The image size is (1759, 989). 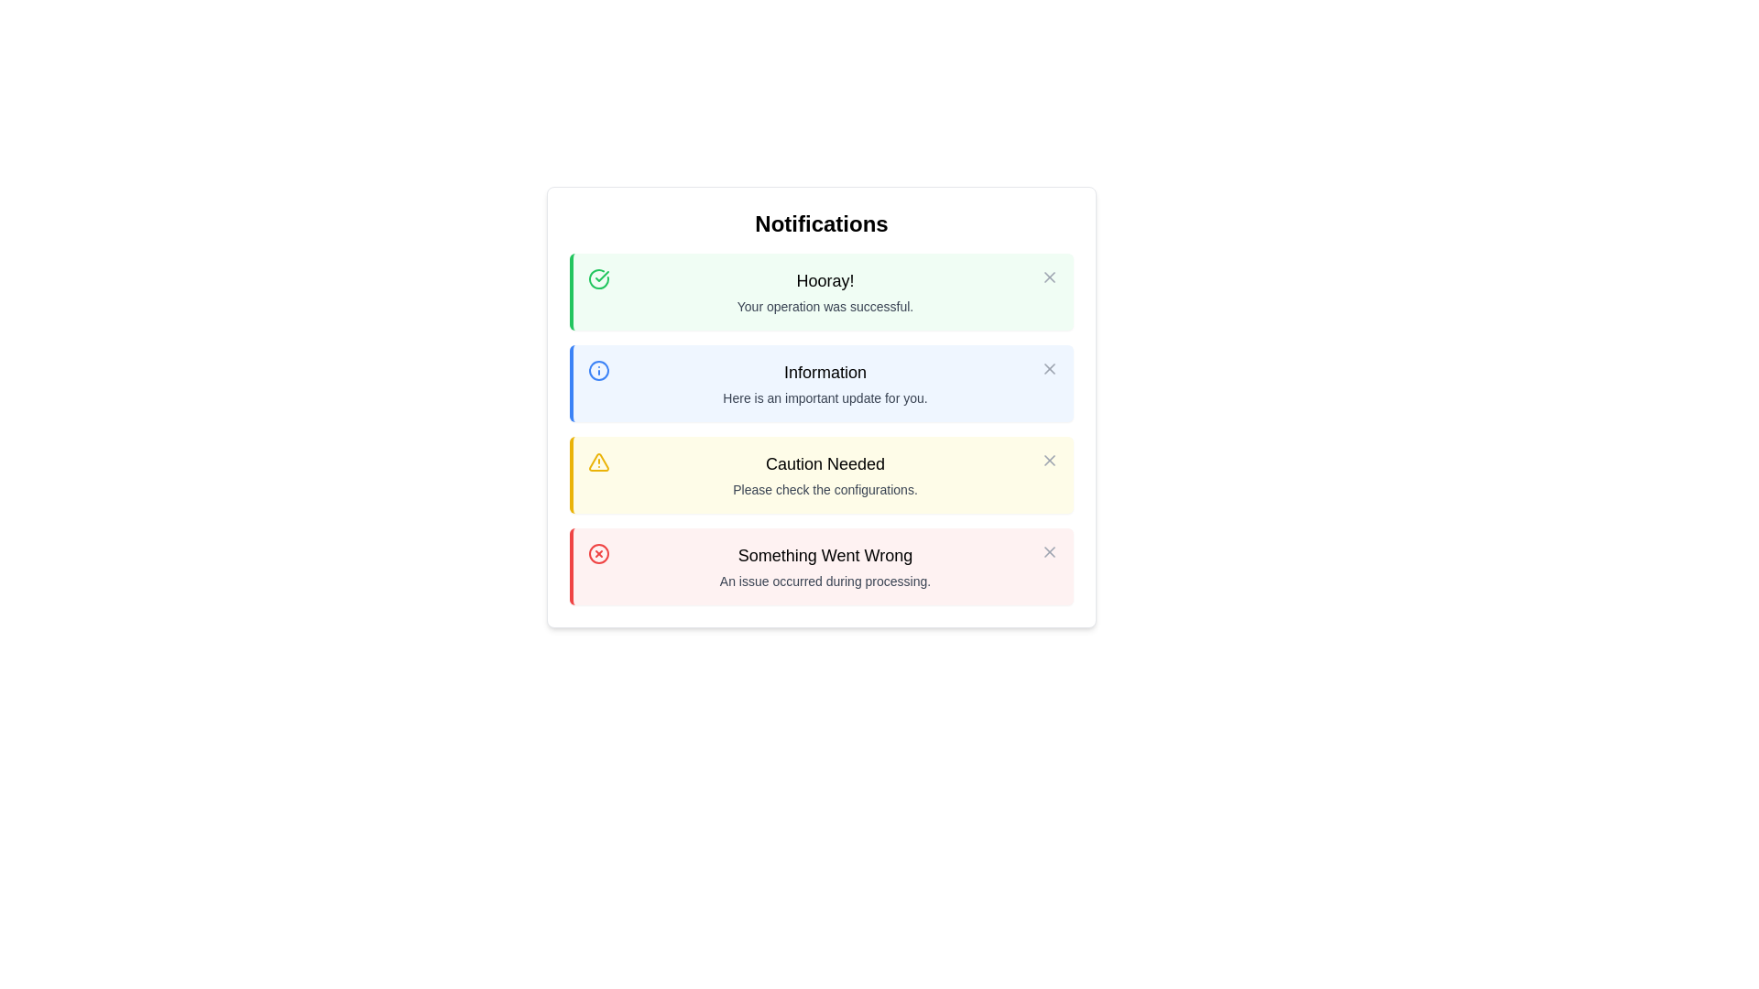 What do you see at coordinates (825, 554) in the screenshot?
I see `the notification heading that summarizes the error state, positioned at the bottom-most notification card, above the descriptive text and below the error icon` at bounding box center [825, 554].